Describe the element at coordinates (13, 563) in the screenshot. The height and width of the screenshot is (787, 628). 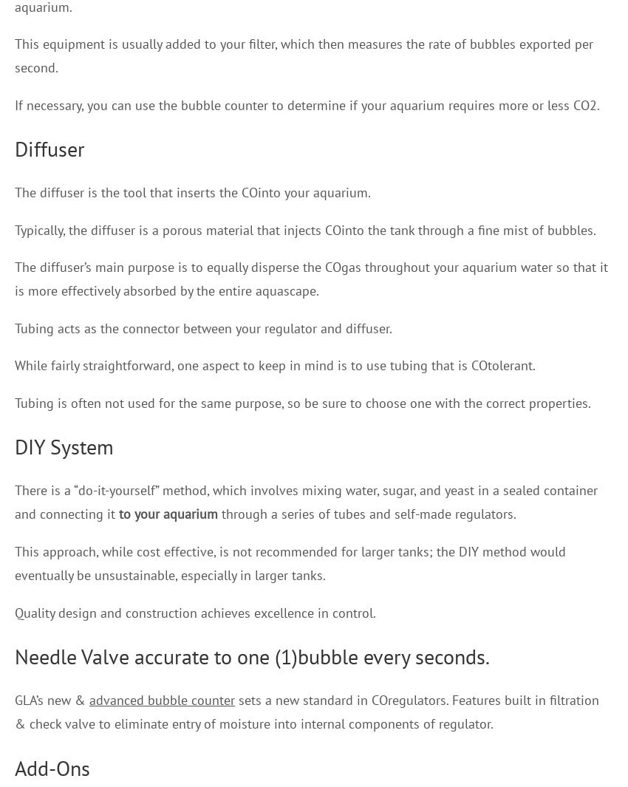
I see `'This approach, while cost effective, is not recommended for larger tanks; the DIY method would eventually be unsustainable, especially in larger tanks.'` at that location.